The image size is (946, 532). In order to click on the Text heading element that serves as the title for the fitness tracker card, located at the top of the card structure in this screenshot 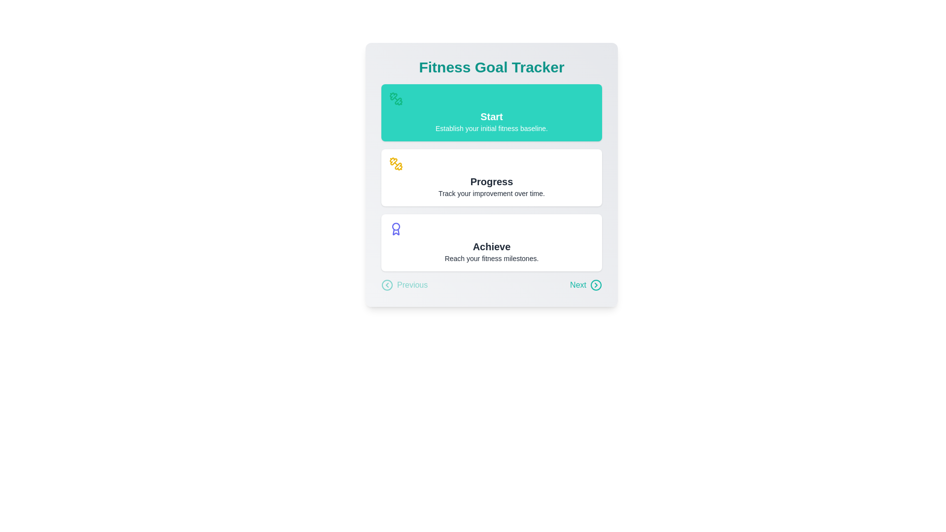, I will do `click(492, 67)`.